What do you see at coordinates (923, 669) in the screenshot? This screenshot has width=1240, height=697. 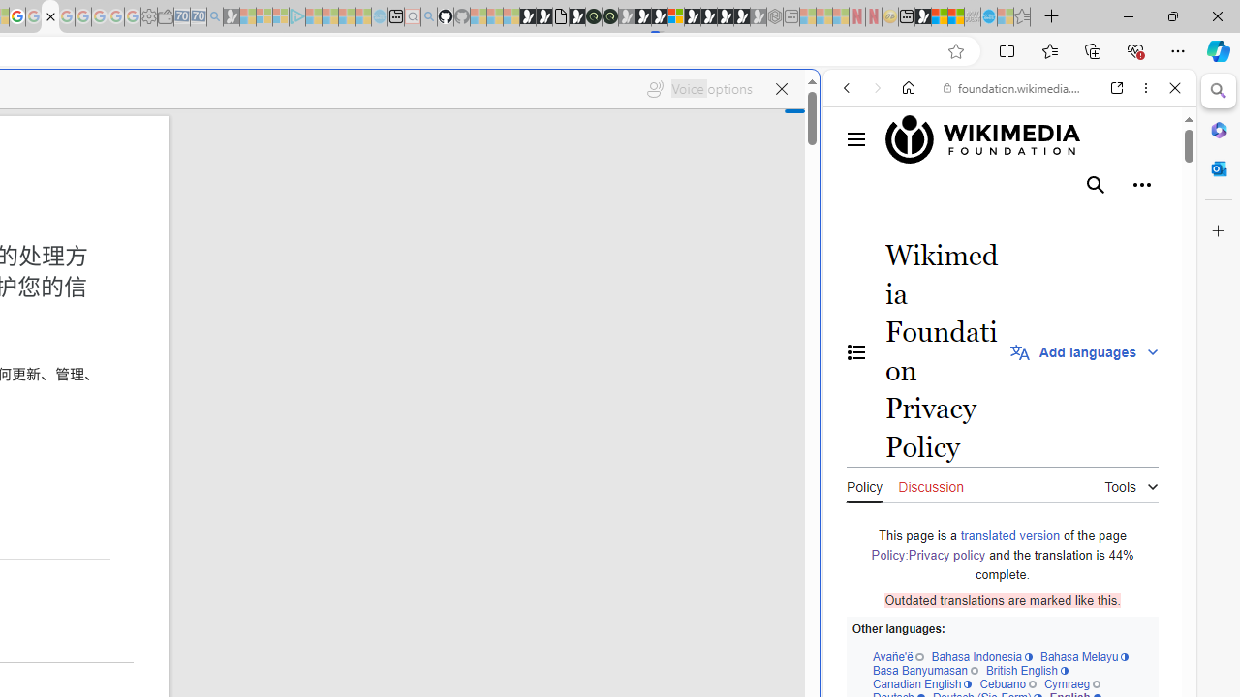 I see `'Basa Banyumasan'` at bounding box center [923, 669].